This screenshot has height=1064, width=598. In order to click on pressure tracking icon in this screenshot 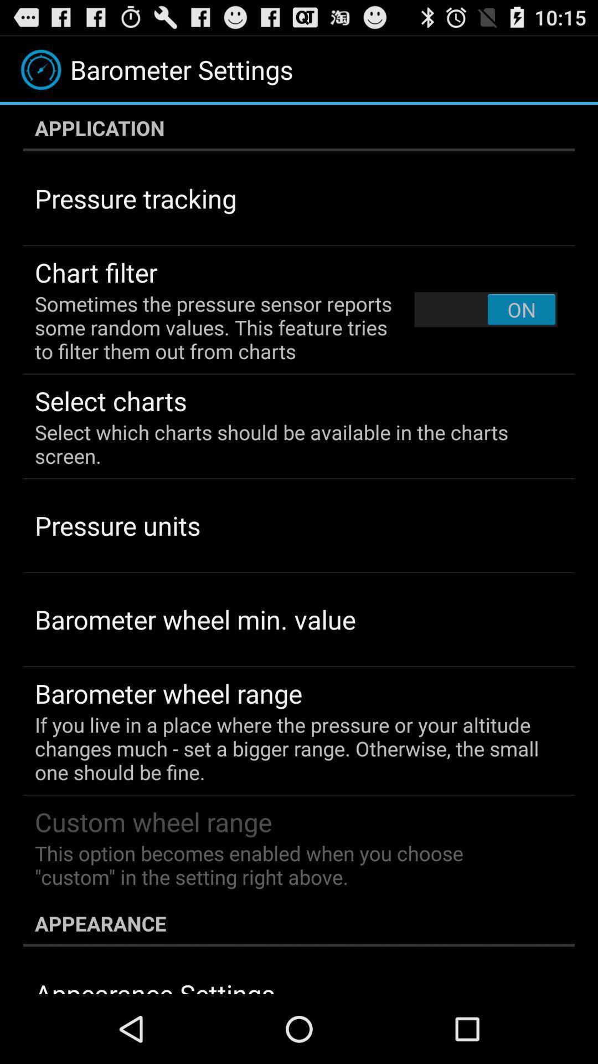, I will do `click(135, 198)`.